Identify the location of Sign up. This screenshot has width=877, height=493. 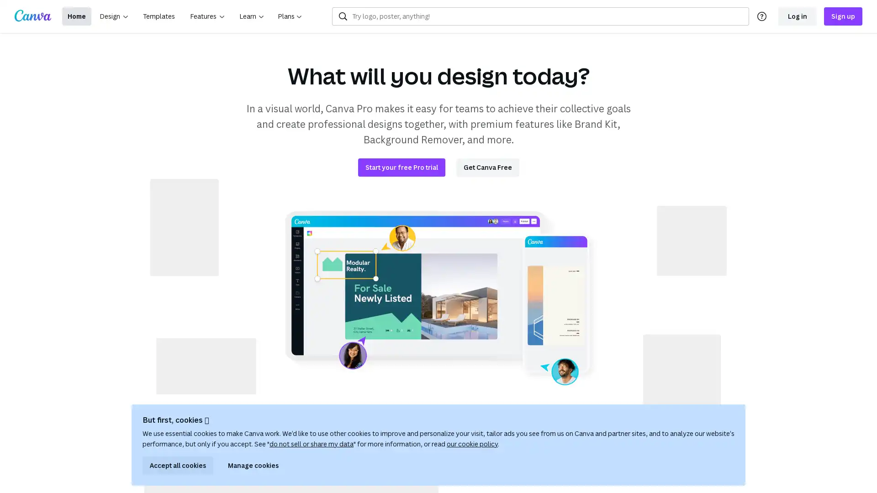
(843, 16).